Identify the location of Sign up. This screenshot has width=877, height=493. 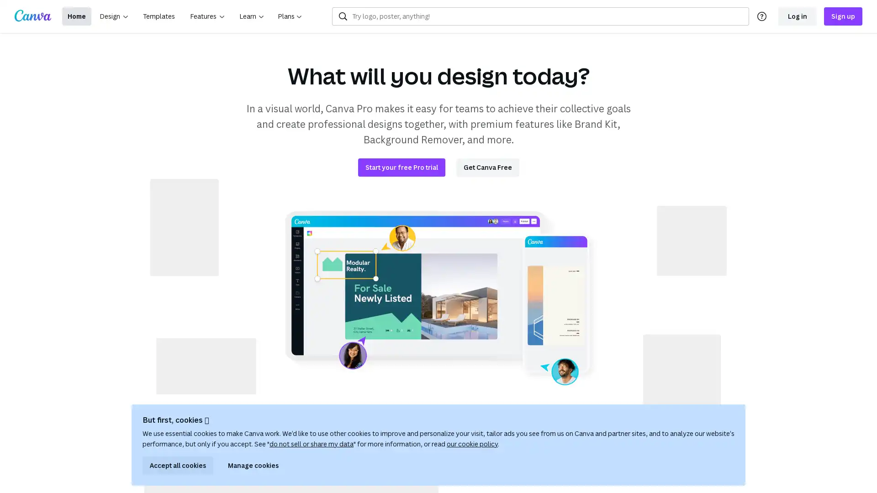
(843, 16).